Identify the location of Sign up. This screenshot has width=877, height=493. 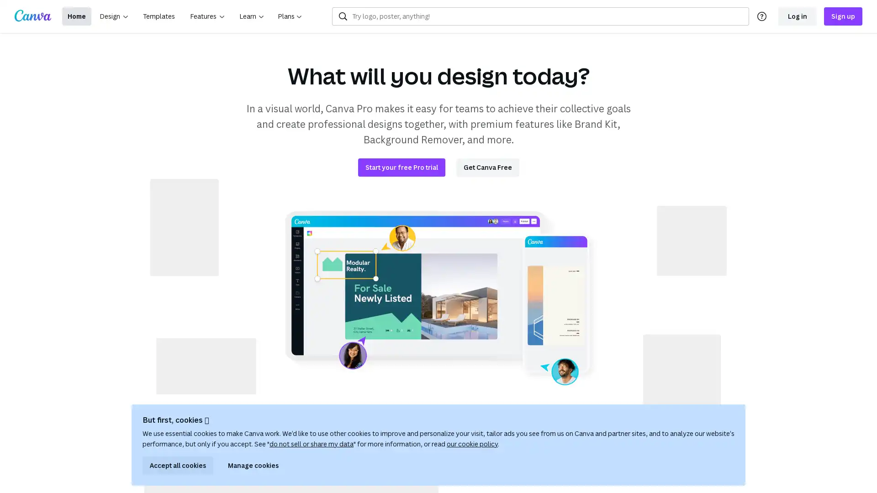
(843, 16).